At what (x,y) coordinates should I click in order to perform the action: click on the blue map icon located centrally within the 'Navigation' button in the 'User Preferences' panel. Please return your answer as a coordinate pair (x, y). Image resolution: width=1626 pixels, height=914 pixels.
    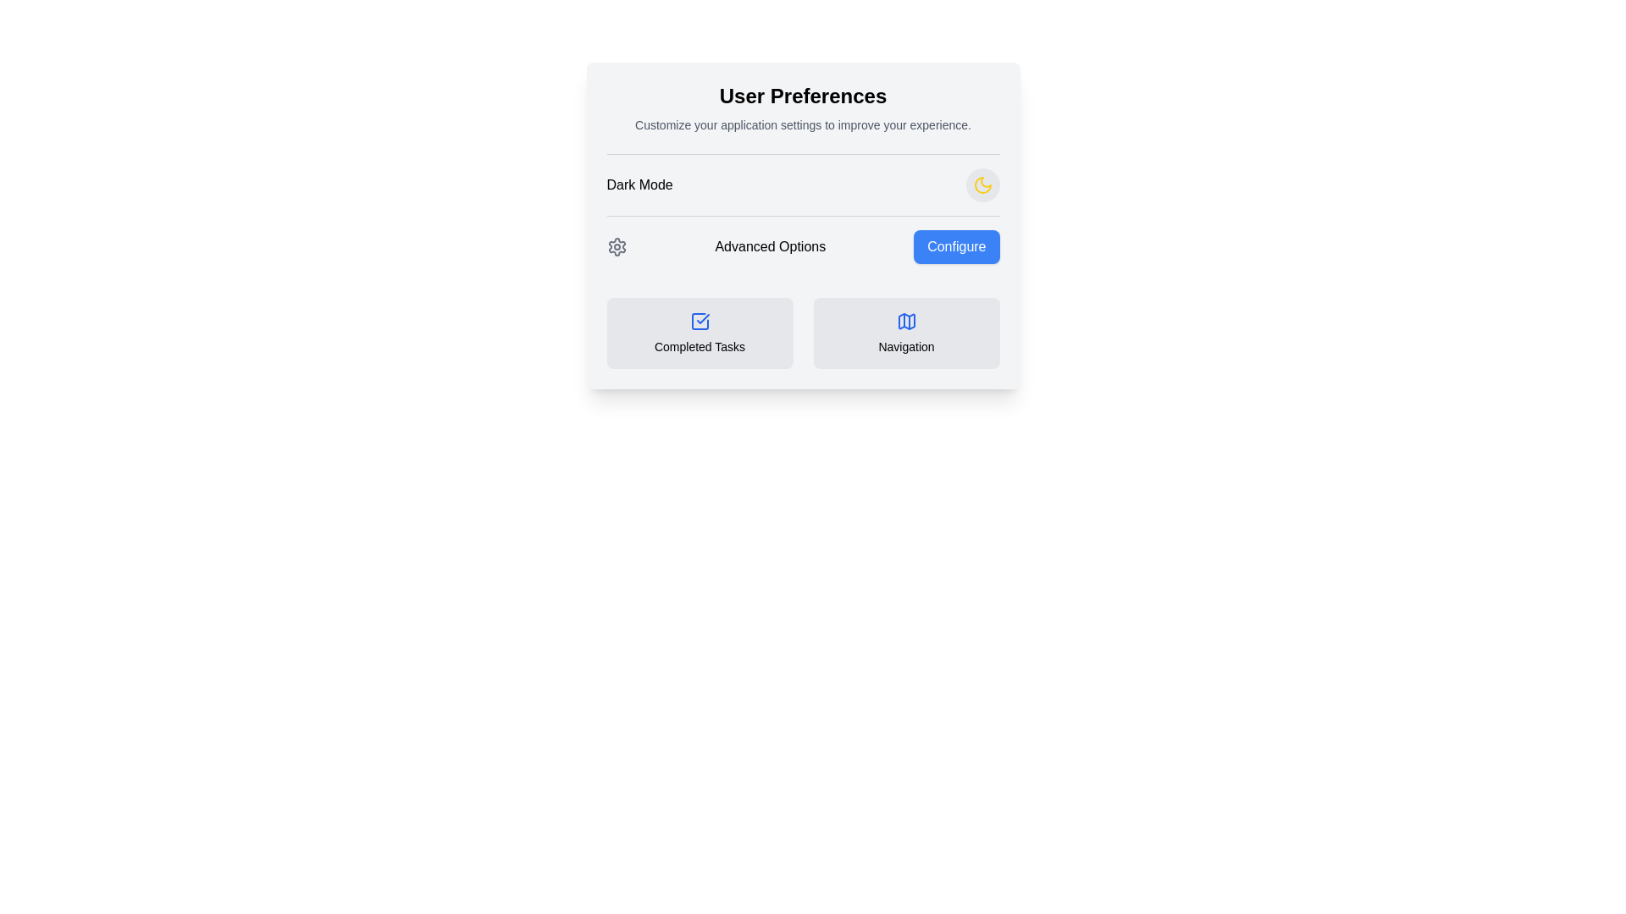
    Looking at the image, I should click on (905, 322).